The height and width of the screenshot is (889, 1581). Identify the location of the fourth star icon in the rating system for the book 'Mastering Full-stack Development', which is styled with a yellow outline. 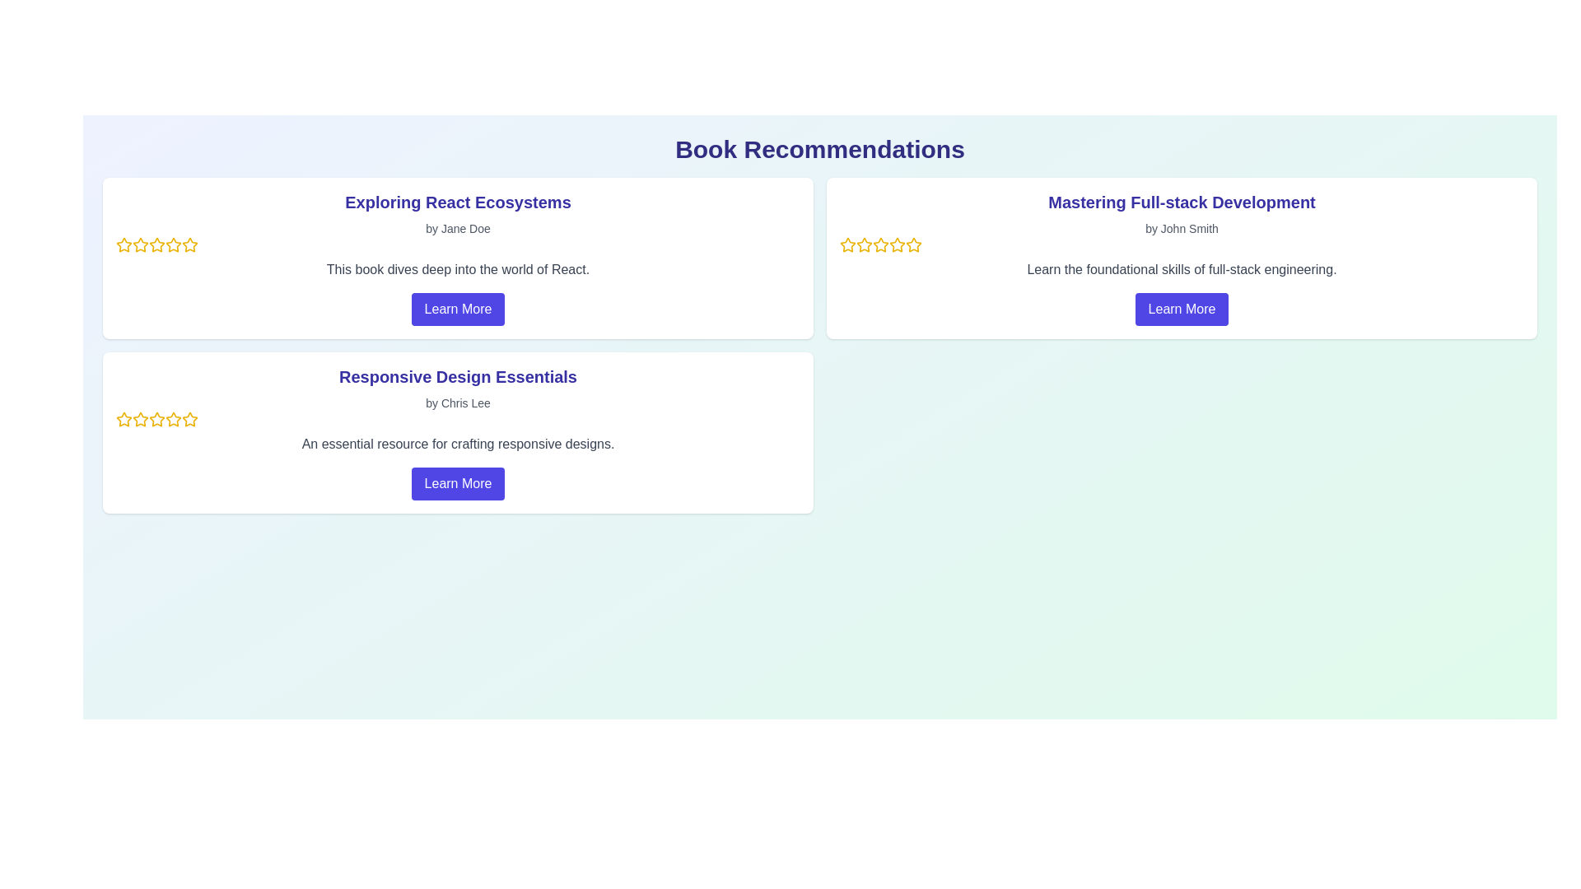
(880, 244).